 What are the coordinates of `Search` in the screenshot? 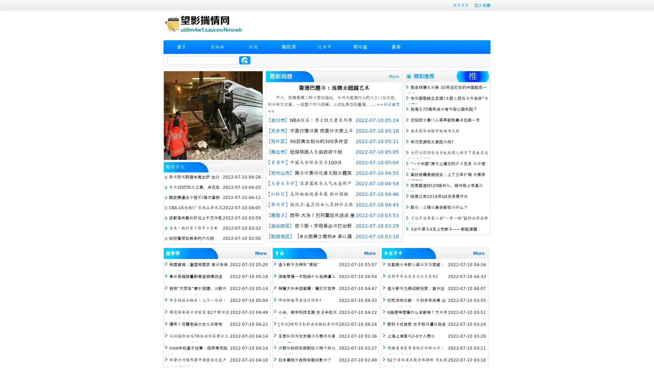 It's located at (245, 60).